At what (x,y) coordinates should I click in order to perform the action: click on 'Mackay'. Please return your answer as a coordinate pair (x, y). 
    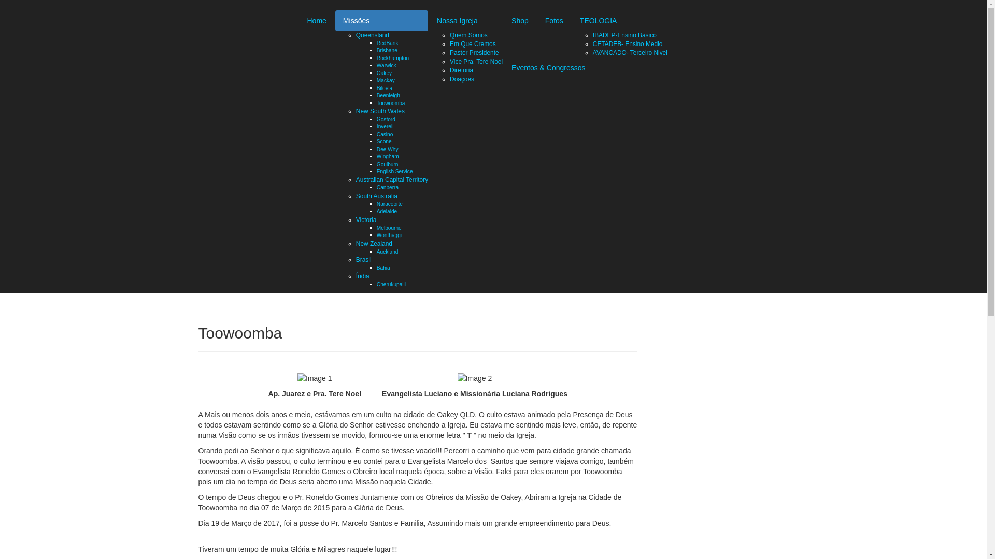
    Looking at the image, I should click on (385, 80).